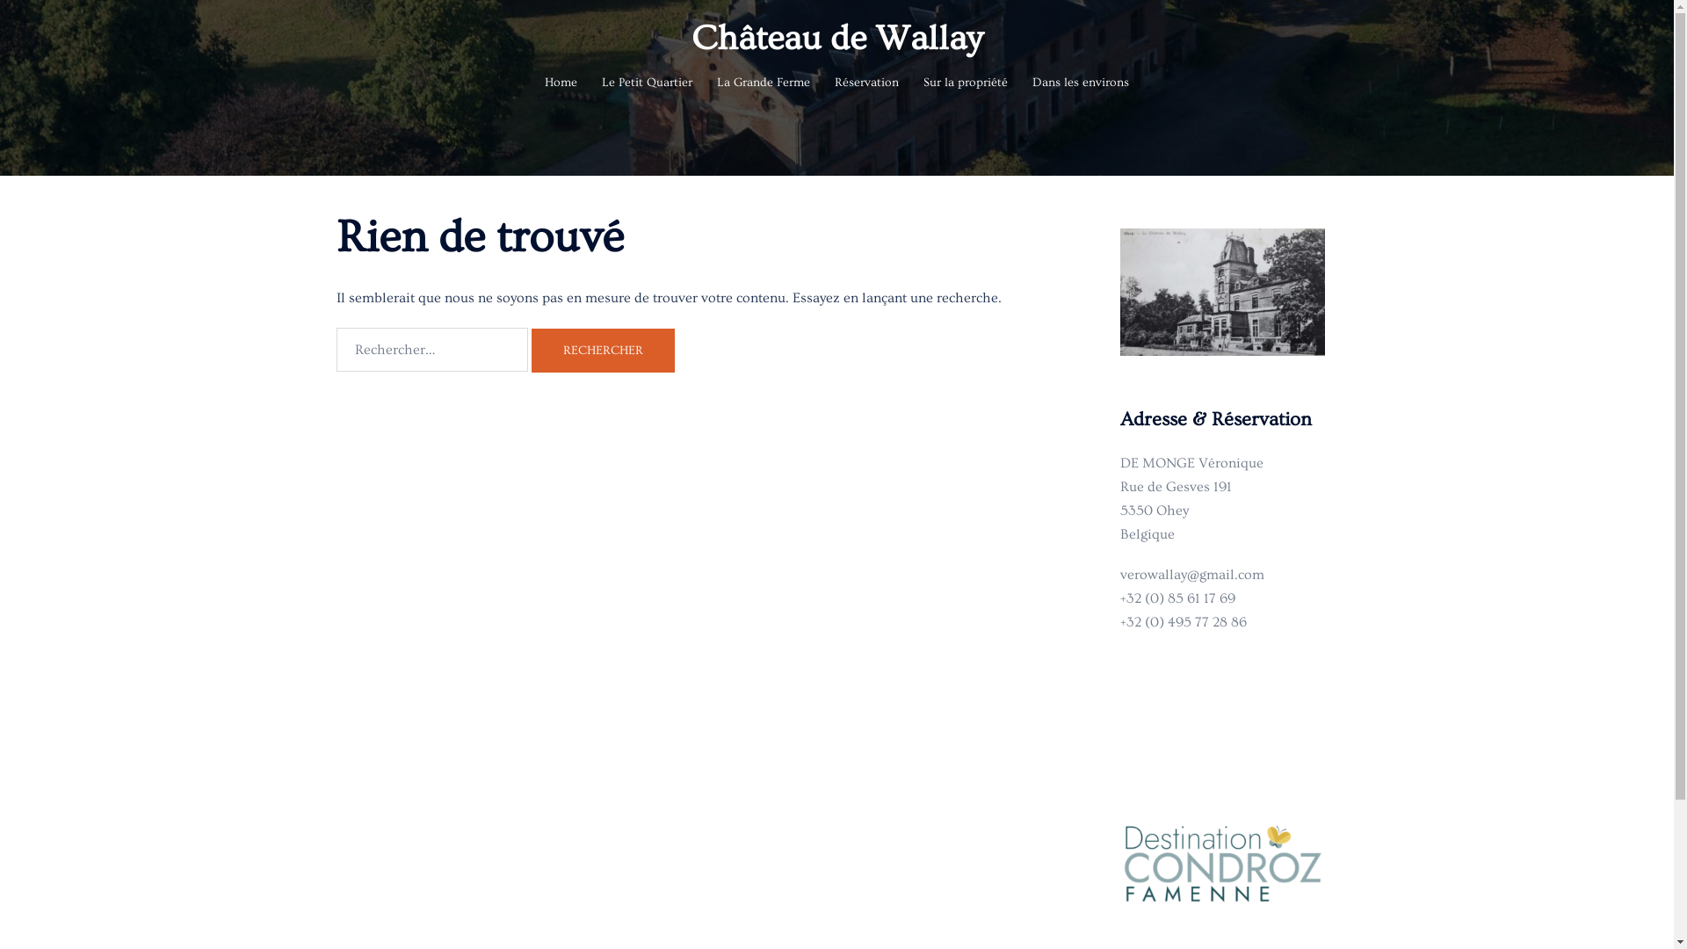 This screenshot has height=949, width=1687. Describe the element at coordinates (763, 83) in the screenshot. I see `'La Grande Ferme'` at that location.